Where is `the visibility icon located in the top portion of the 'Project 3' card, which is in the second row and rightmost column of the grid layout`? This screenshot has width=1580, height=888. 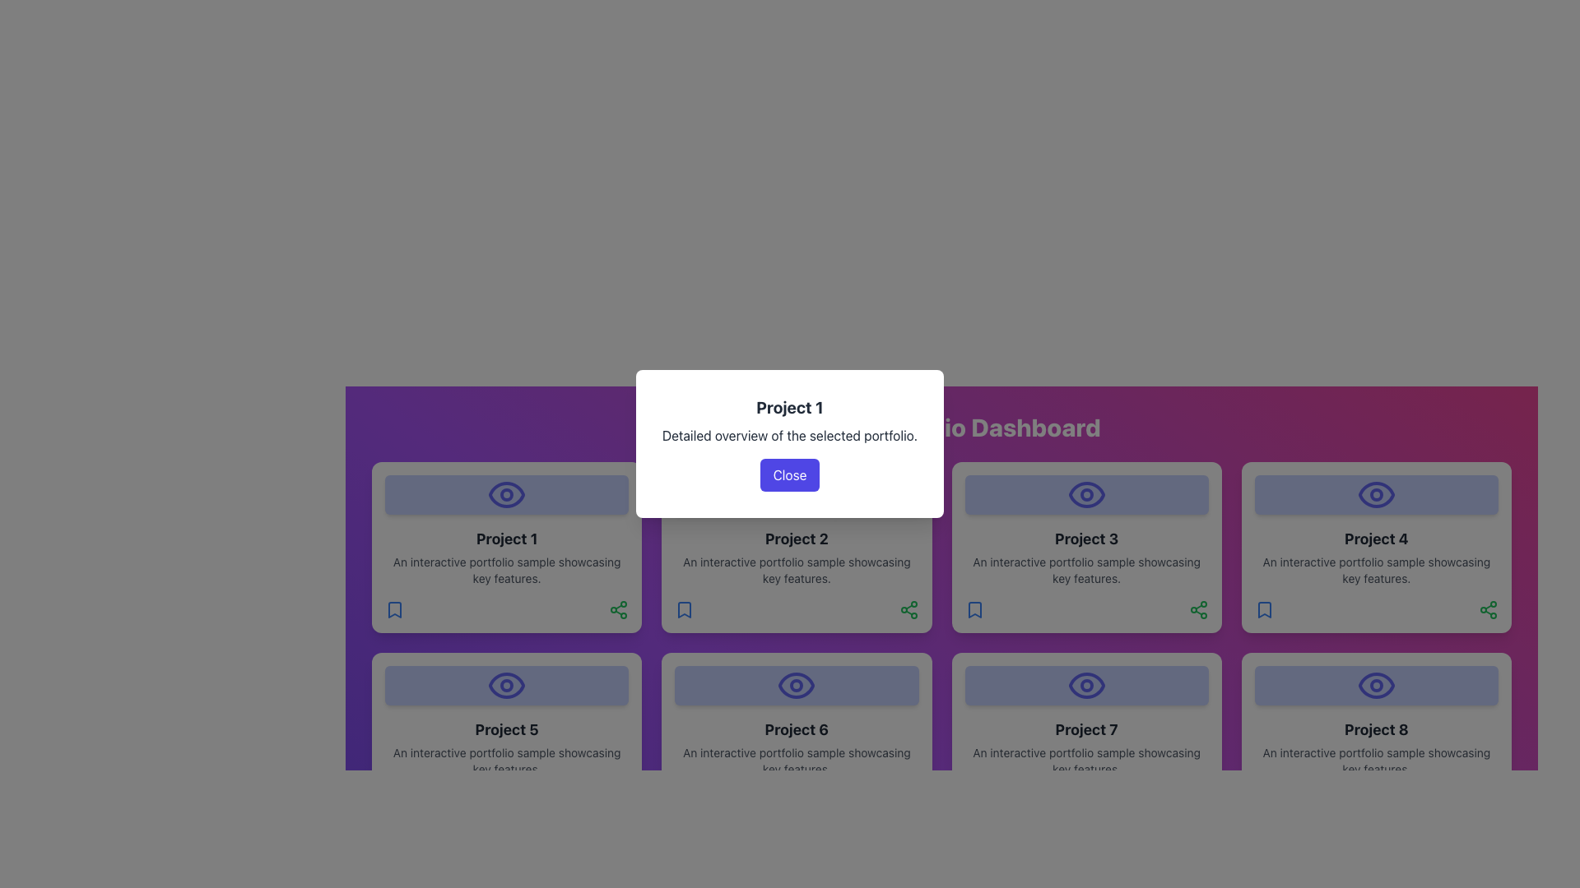
the visibility icon located in the top portion of the 'Project 3' card, which is in the second row and rightmost column of the grid layout is located at coordinates (1086, 493).